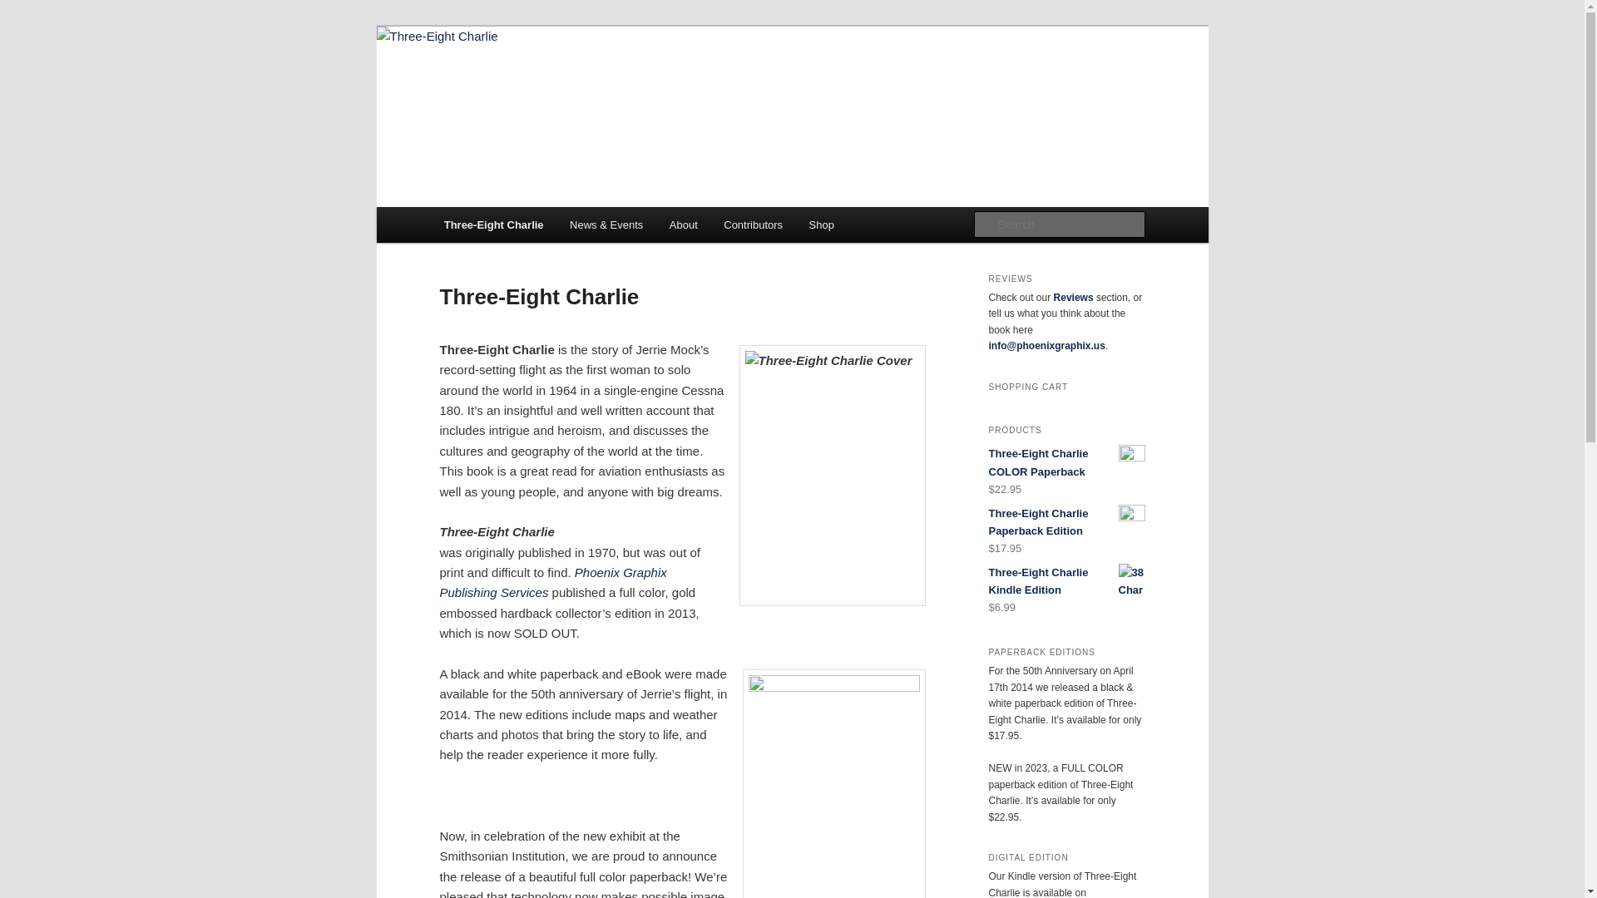 Image resolution: width=1597 pixels, height=898 pixels. I want to click on 'info@phoenixgraphix.us', so click(1045, 345).